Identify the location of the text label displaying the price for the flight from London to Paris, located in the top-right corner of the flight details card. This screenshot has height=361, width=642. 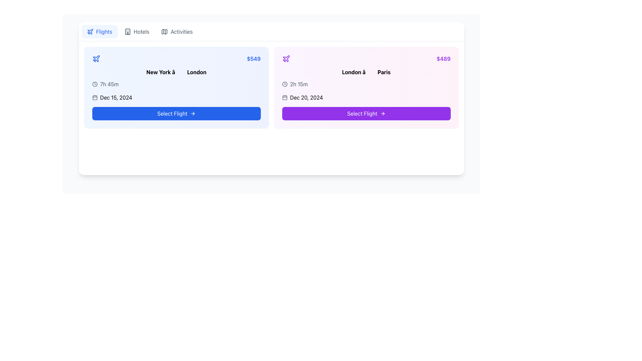
(443, 58).